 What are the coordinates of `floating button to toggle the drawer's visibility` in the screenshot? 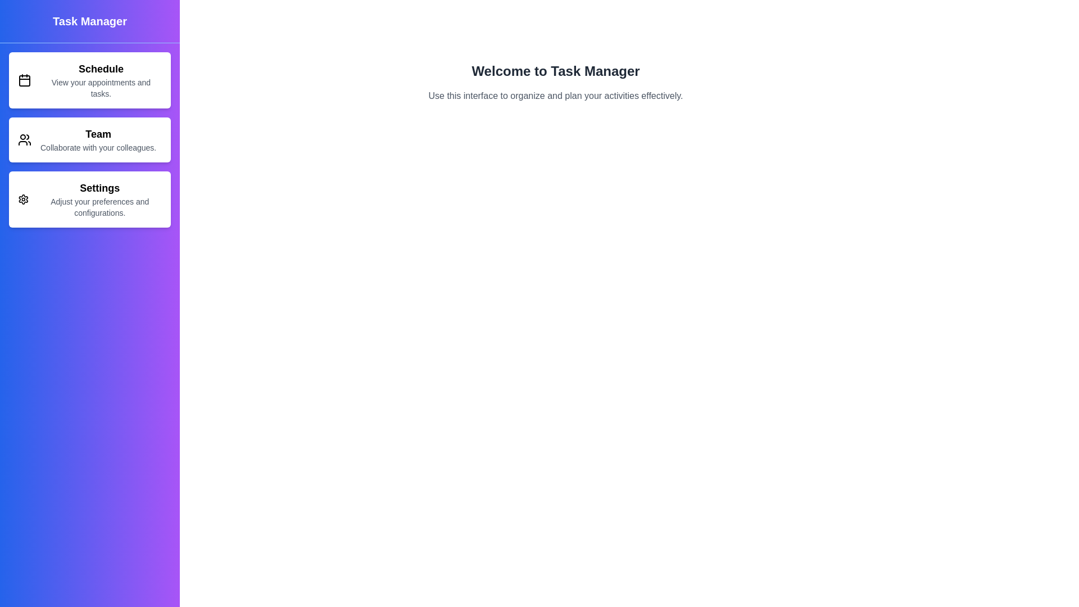 It's located at (116, 58).